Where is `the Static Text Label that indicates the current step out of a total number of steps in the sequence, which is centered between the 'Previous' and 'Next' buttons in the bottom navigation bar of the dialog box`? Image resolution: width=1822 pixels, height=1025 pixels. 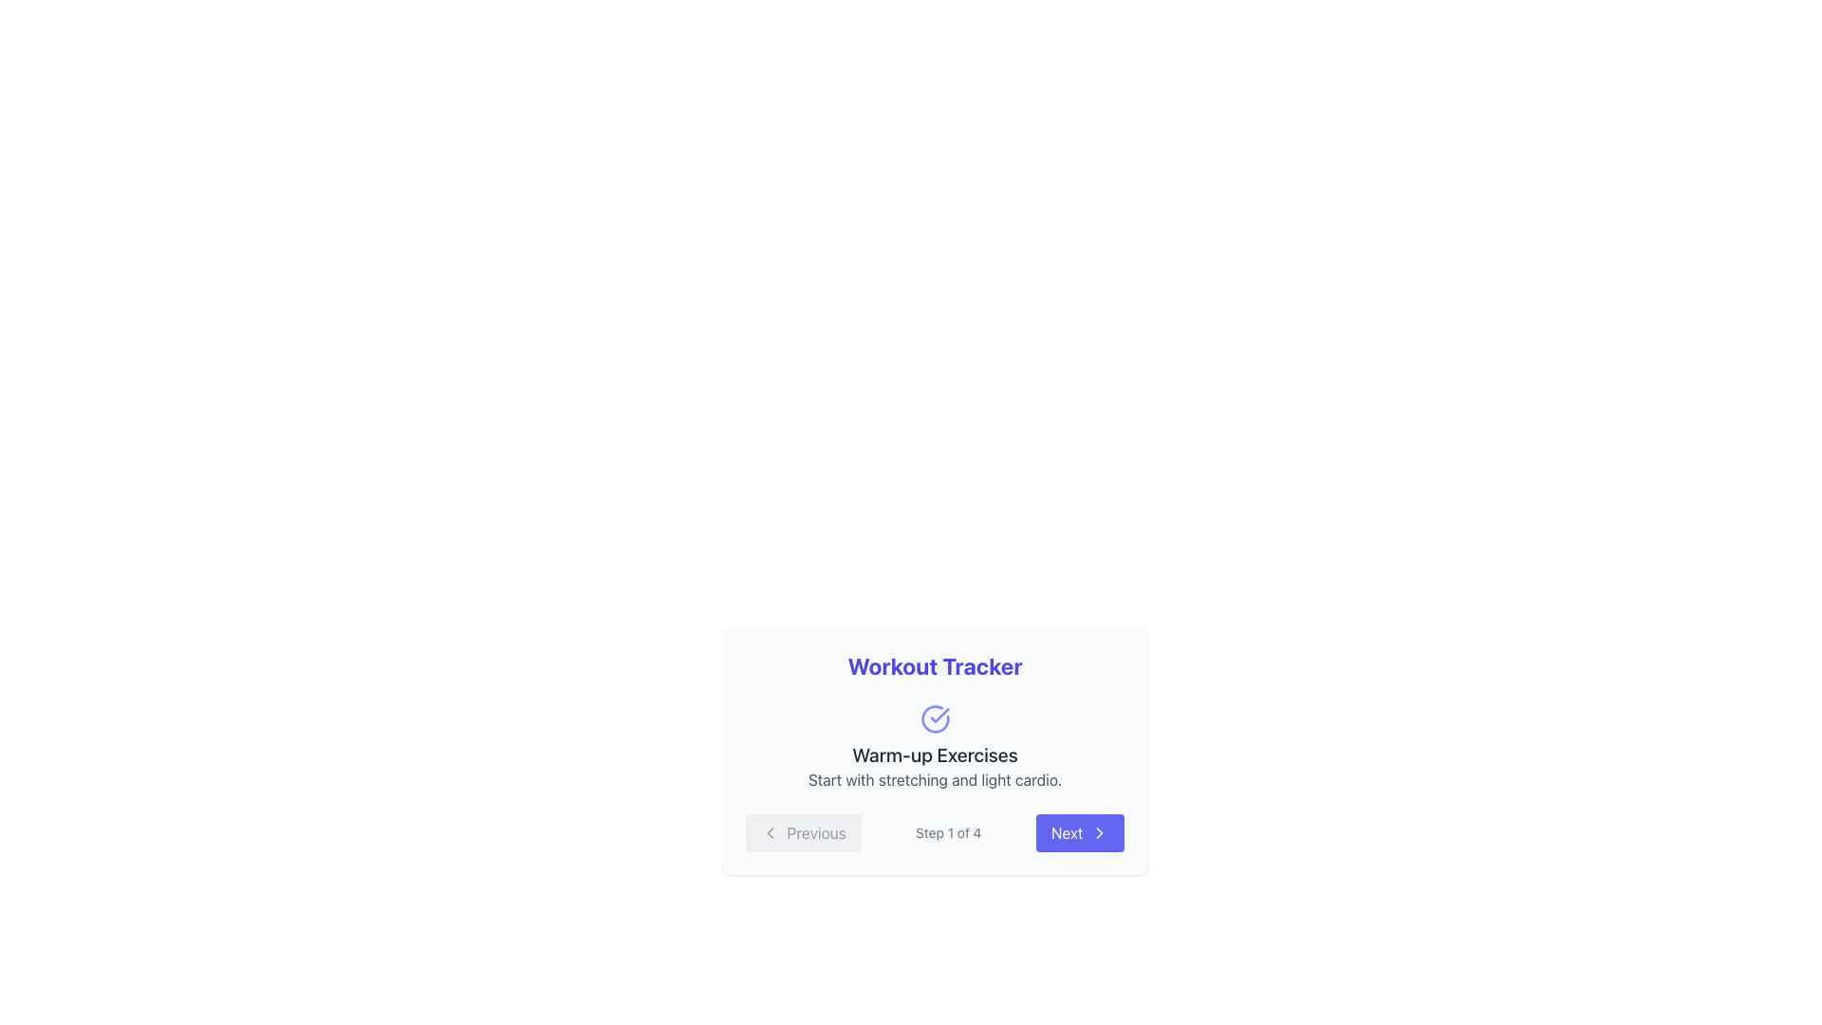 the Static Text Label that indicates the current step out of a total number of steps in the sequence, which is centered between the 'Previous' and 'Next' buttons in the bottom navigation bar of the dialog box is located at coordinates (948, 832).